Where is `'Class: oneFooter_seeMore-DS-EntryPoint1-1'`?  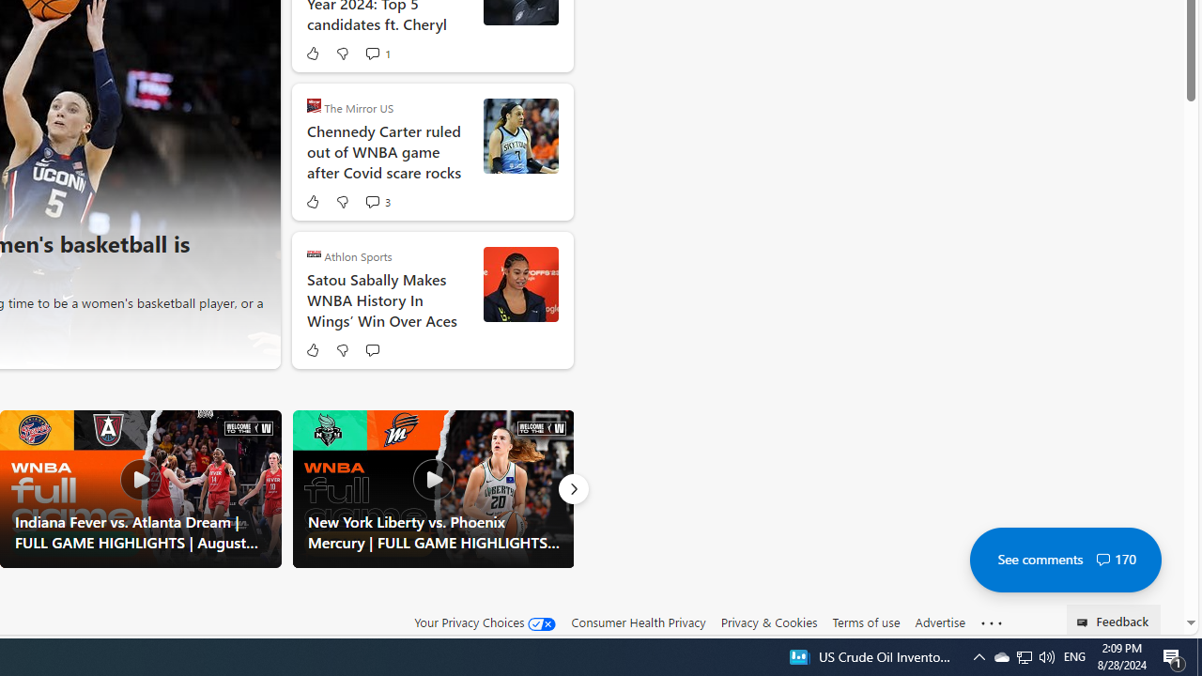 'Class: oneFooter_seeMore-DS-EntryPoint1-1' is located at coordinates (991, 622).